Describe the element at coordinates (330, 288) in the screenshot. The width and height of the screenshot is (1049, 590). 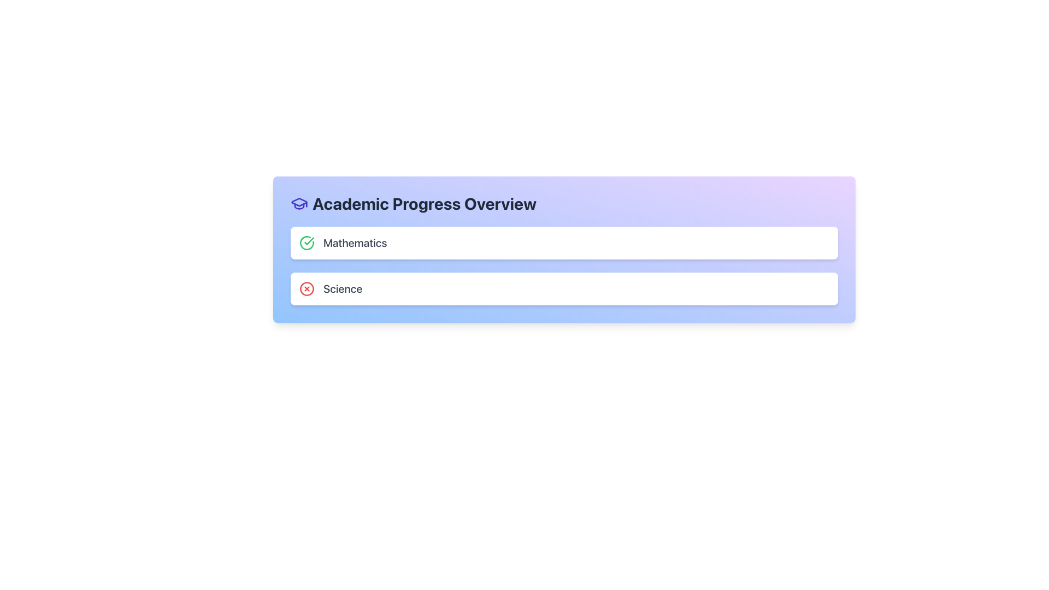
I see `the 'Science' text entry with a red circular icon indicating an error state, located under the 'Academic Progress Overview' header` at that location.